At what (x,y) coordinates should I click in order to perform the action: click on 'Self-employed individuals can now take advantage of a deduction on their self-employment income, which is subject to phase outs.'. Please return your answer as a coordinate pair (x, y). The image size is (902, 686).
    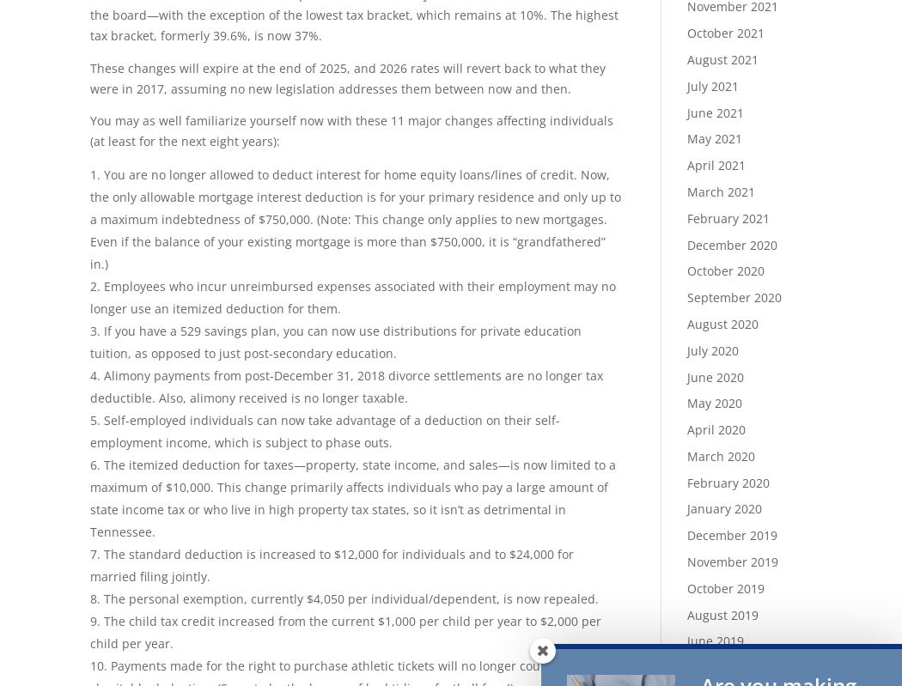
    Looking at the image, I should click on (90, 430).